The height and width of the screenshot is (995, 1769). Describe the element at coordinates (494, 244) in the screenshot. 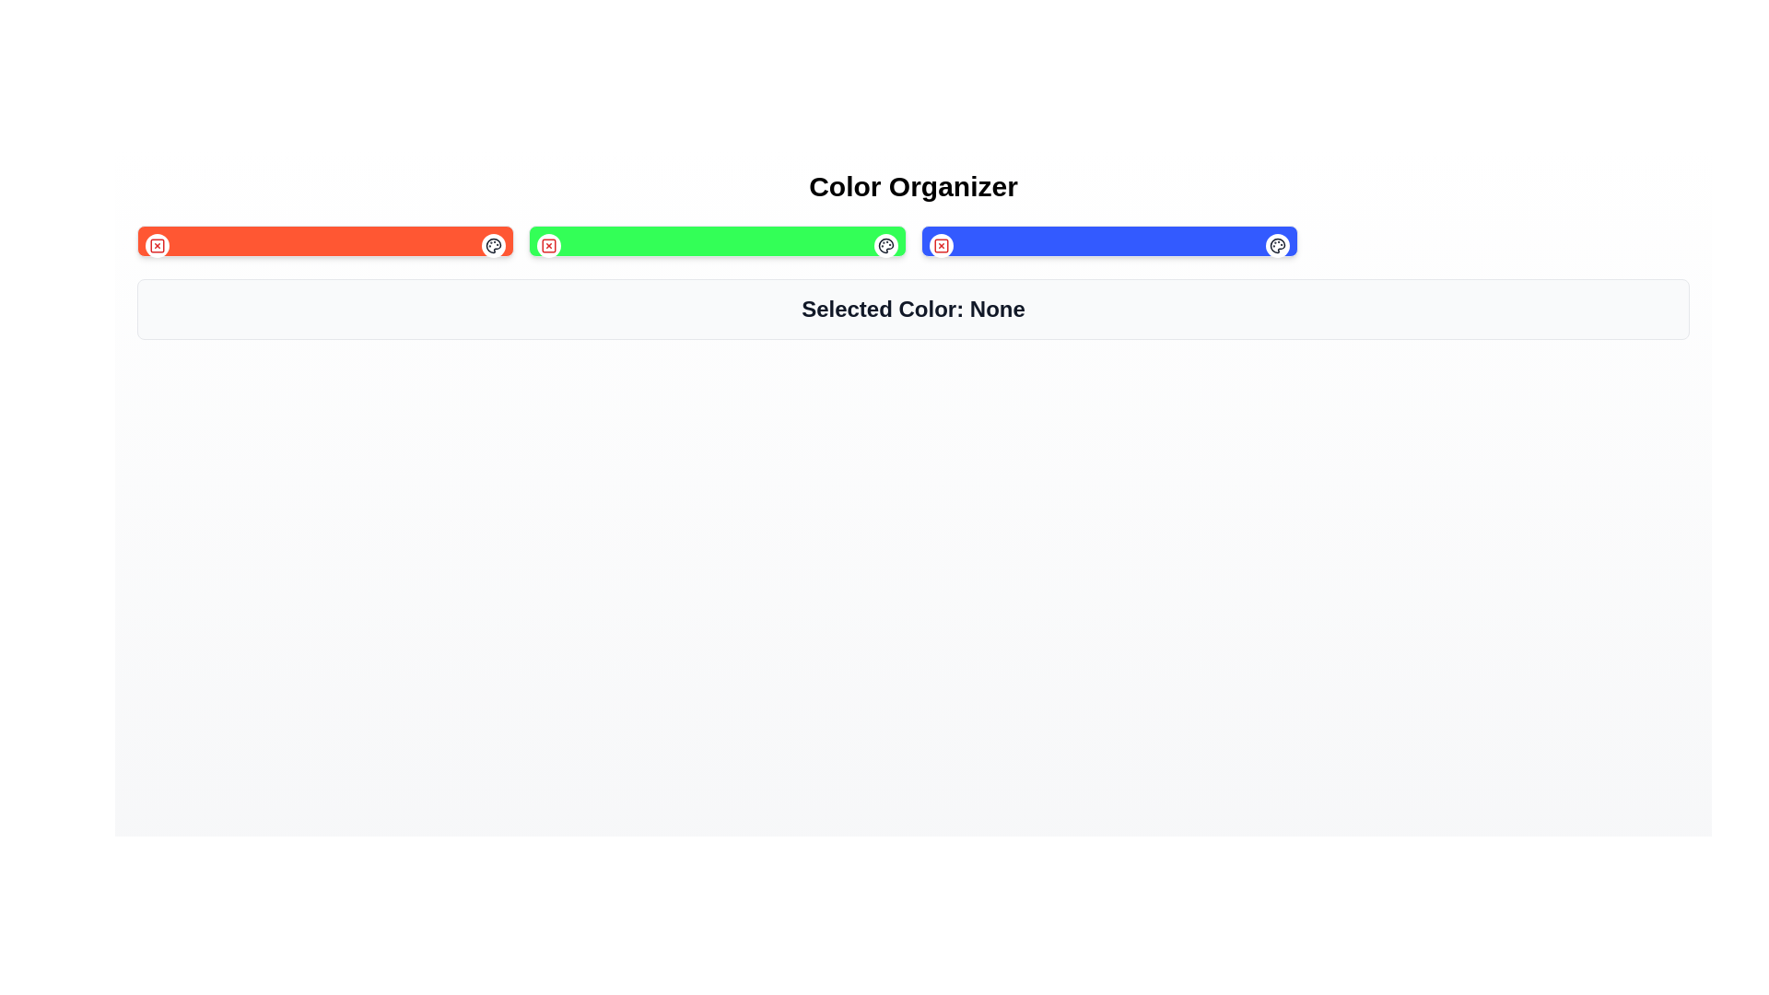

I see `the SVG icon located at the center top of the interface, within the green bar, near the right edge` at that location.